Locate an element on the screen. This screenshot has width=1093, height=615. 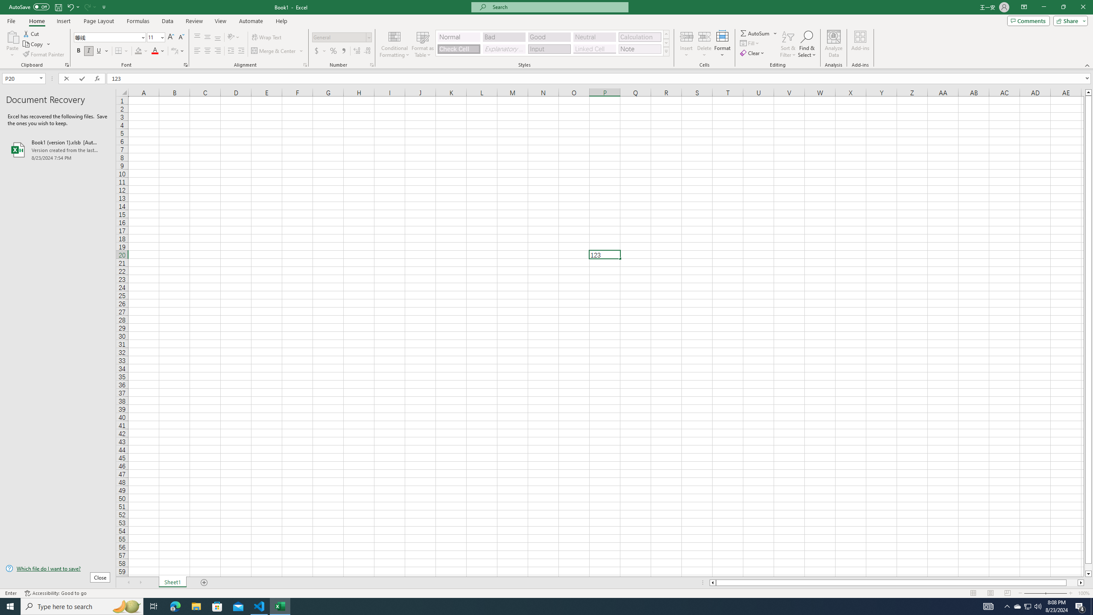
'Column left' is located at coordinates (712, 582).